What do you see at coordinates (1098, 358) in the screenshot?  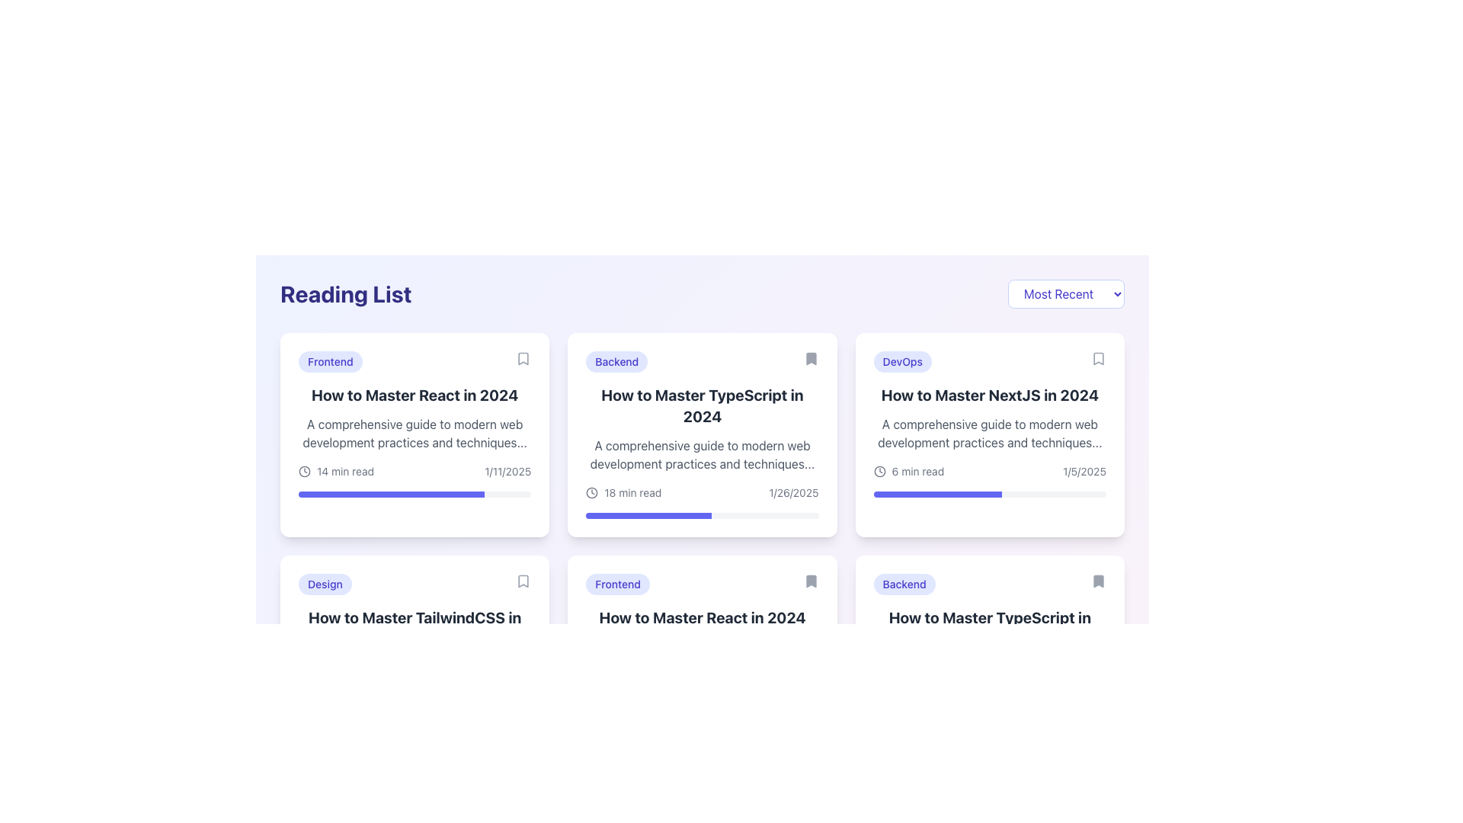 I see `the Interactive bookmark icon located in the upper-right corner of the 'How to Master NextJS in 2024' card to bookmark the associated content` at bounding box center [1098, 358].